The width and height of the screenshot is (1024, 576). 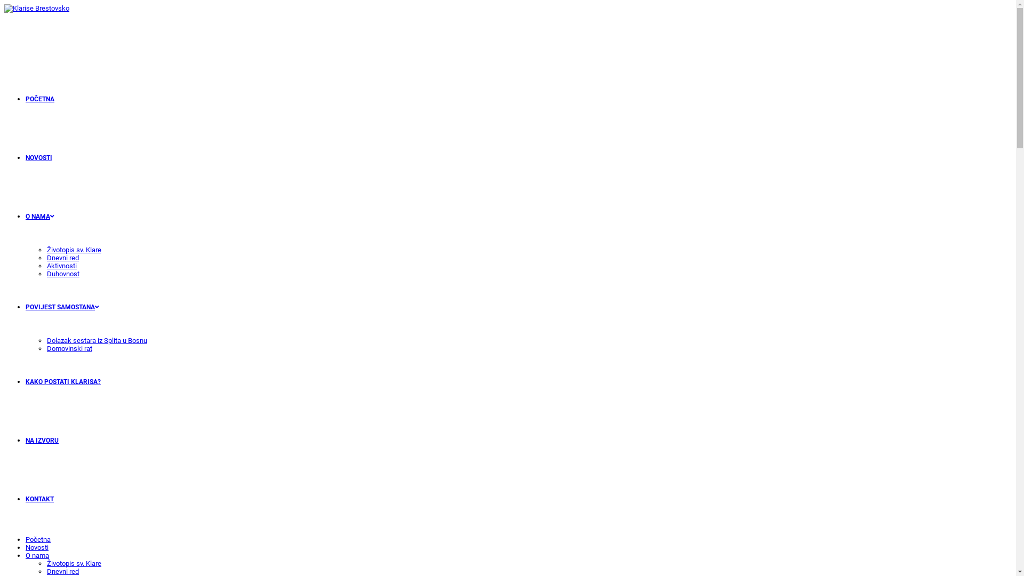 I want to click on 'O NAMA', so click(x=40, y=216).